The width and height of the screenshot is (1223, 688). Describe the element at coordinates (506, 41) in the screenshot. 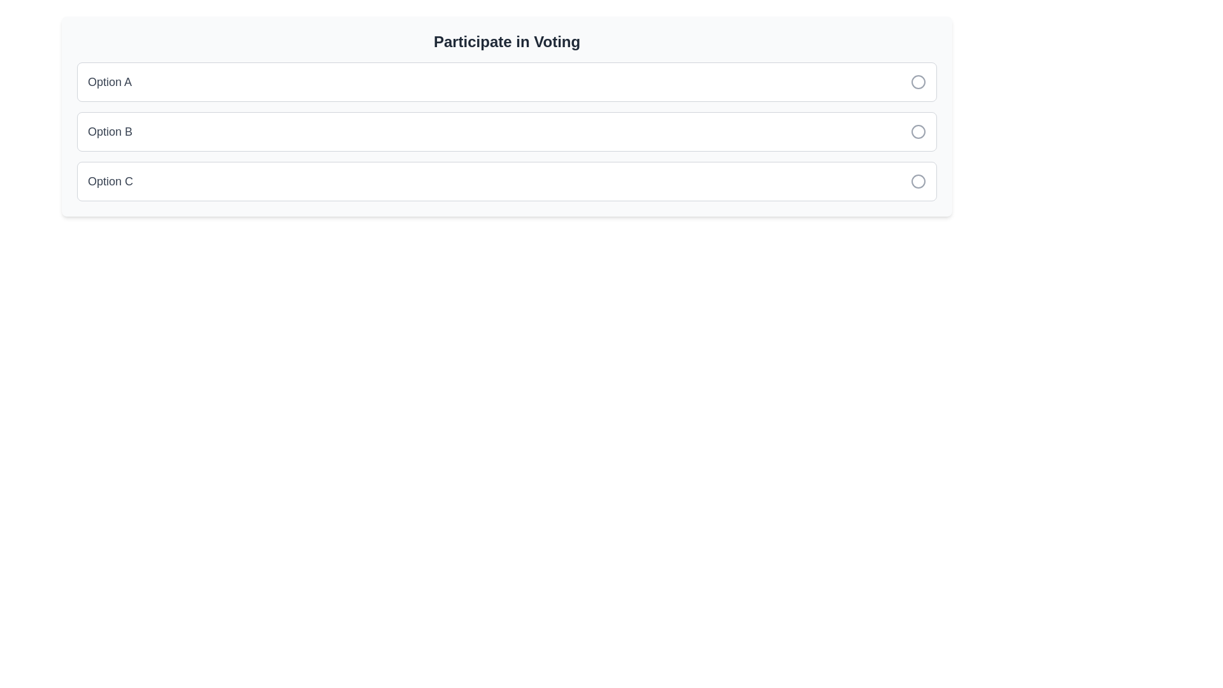

I see `the text block displaying 'Participate in Voting', which is a bold header at the top center of the panel` at that location.